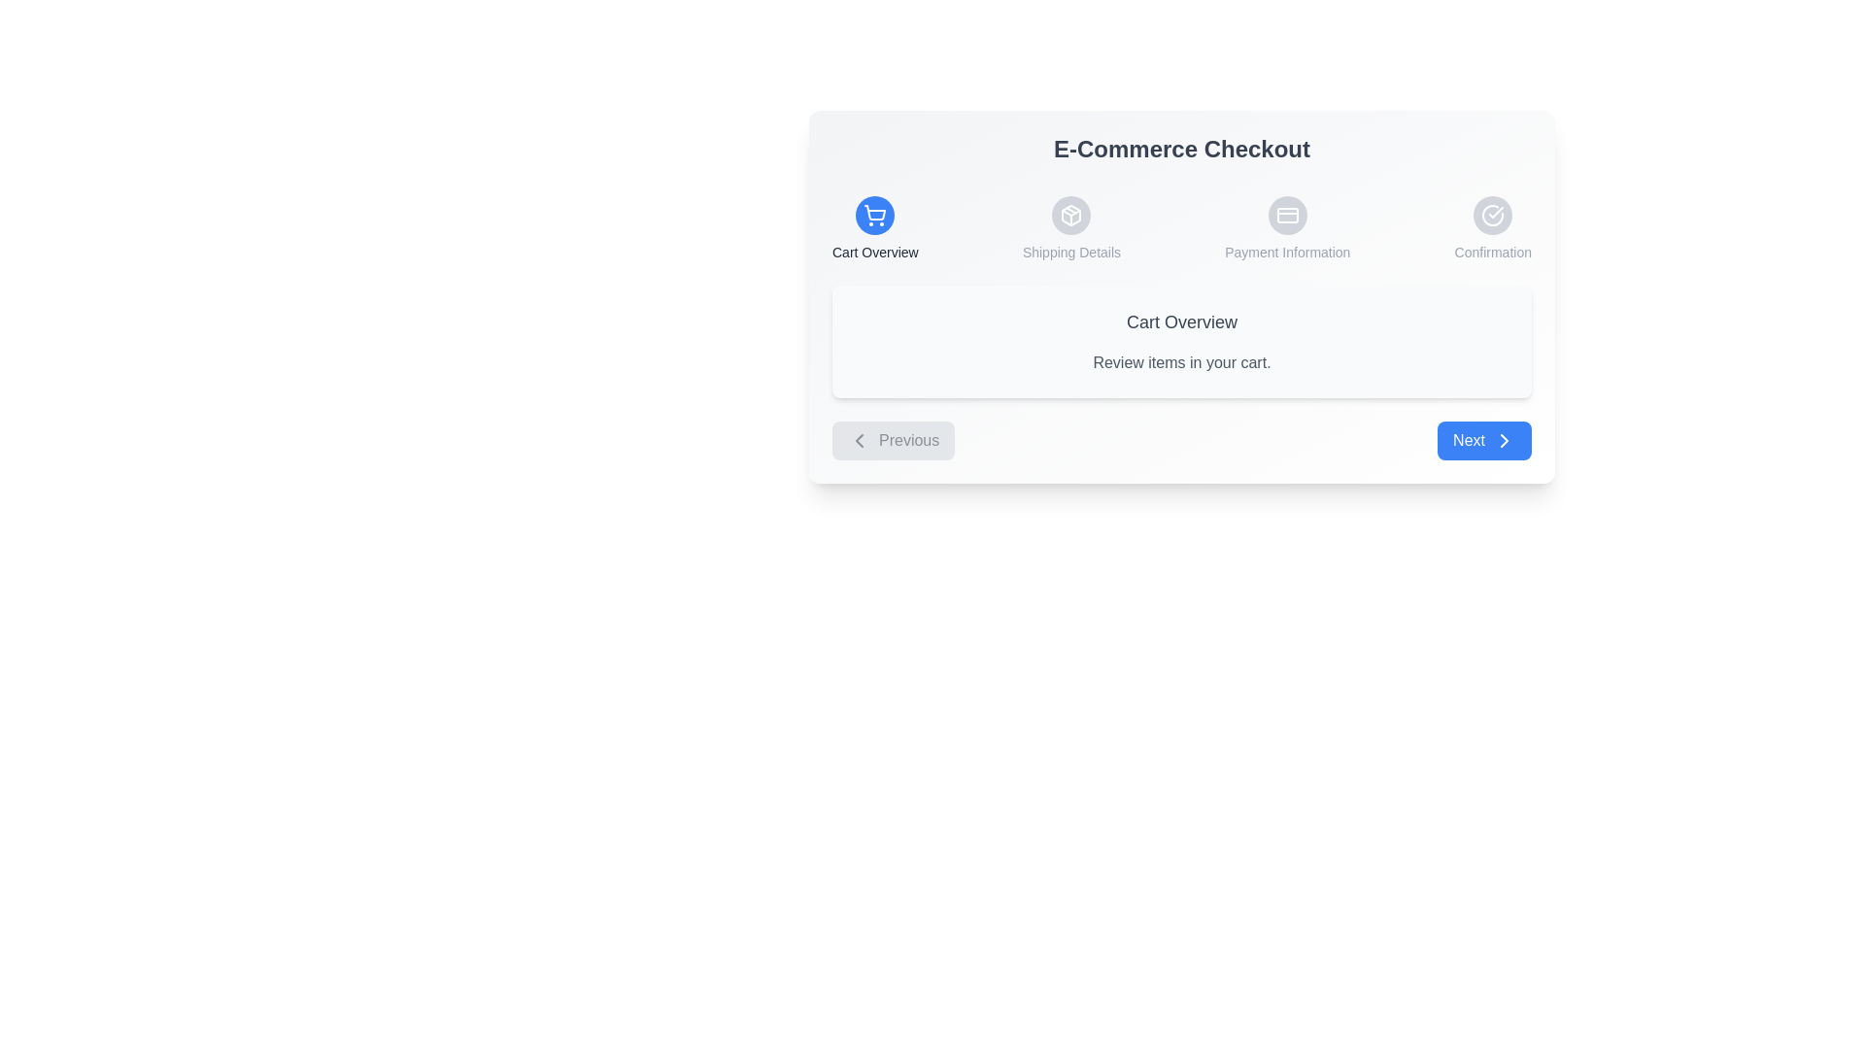 The height and width of the screenshot is (1049, 1865). What do you see at coordinates (1070, 251) in the screenshot?
I see `the Text Label that indicates the second step in the checkout process, located below the shipping details icon` at bounding box center [1070, 251].